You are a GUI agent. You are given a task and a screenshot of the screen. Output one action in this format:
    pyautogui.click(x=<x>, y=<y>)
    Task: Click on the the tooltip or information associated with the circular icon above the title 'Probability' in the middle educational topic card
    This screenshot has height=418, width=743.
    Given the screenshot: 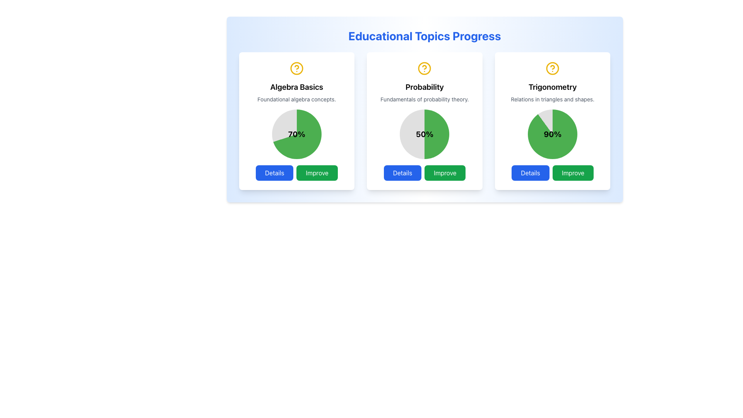 What is the action you would take?
    pyautogui.click(x=424, y=67)
    